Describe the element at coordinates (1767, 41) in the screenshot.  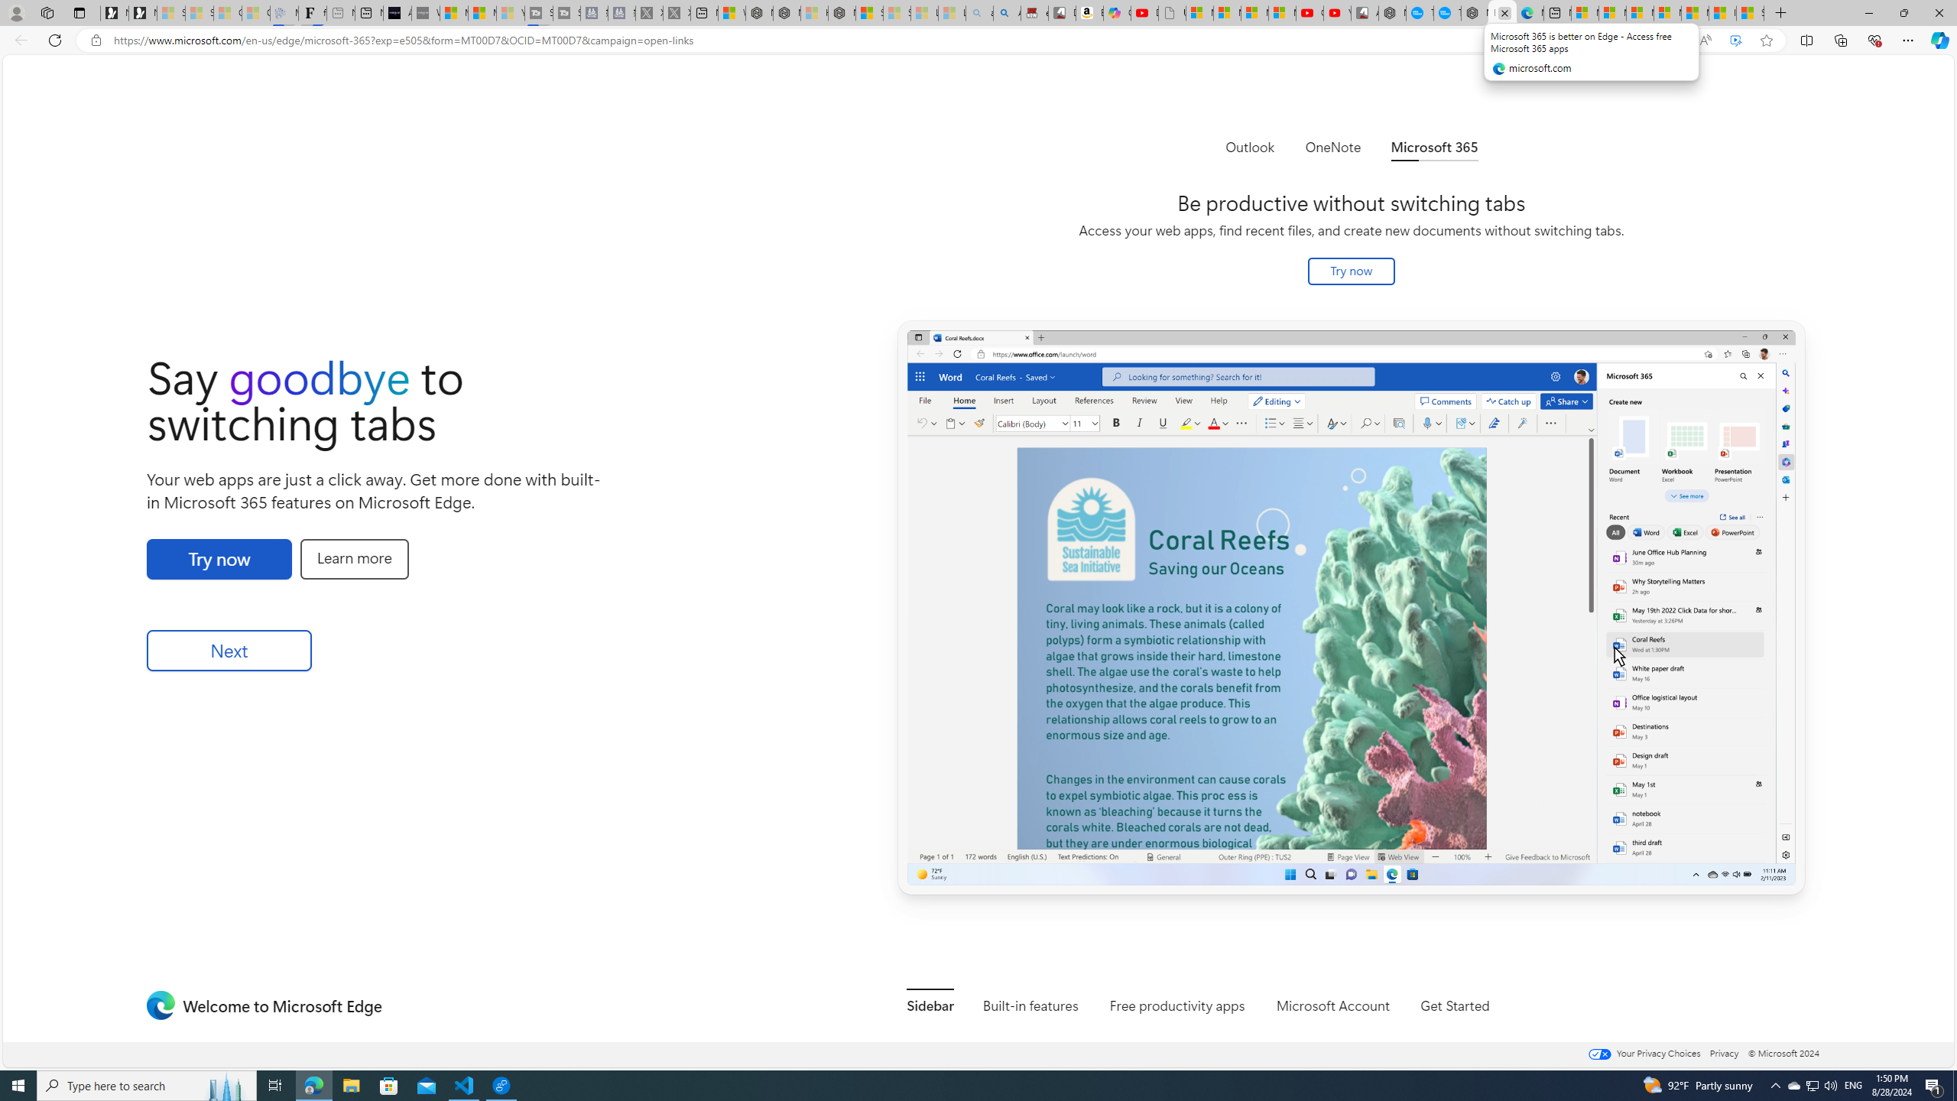
I see `'Add this page to favorites (Ctrl+D)'` at that location.